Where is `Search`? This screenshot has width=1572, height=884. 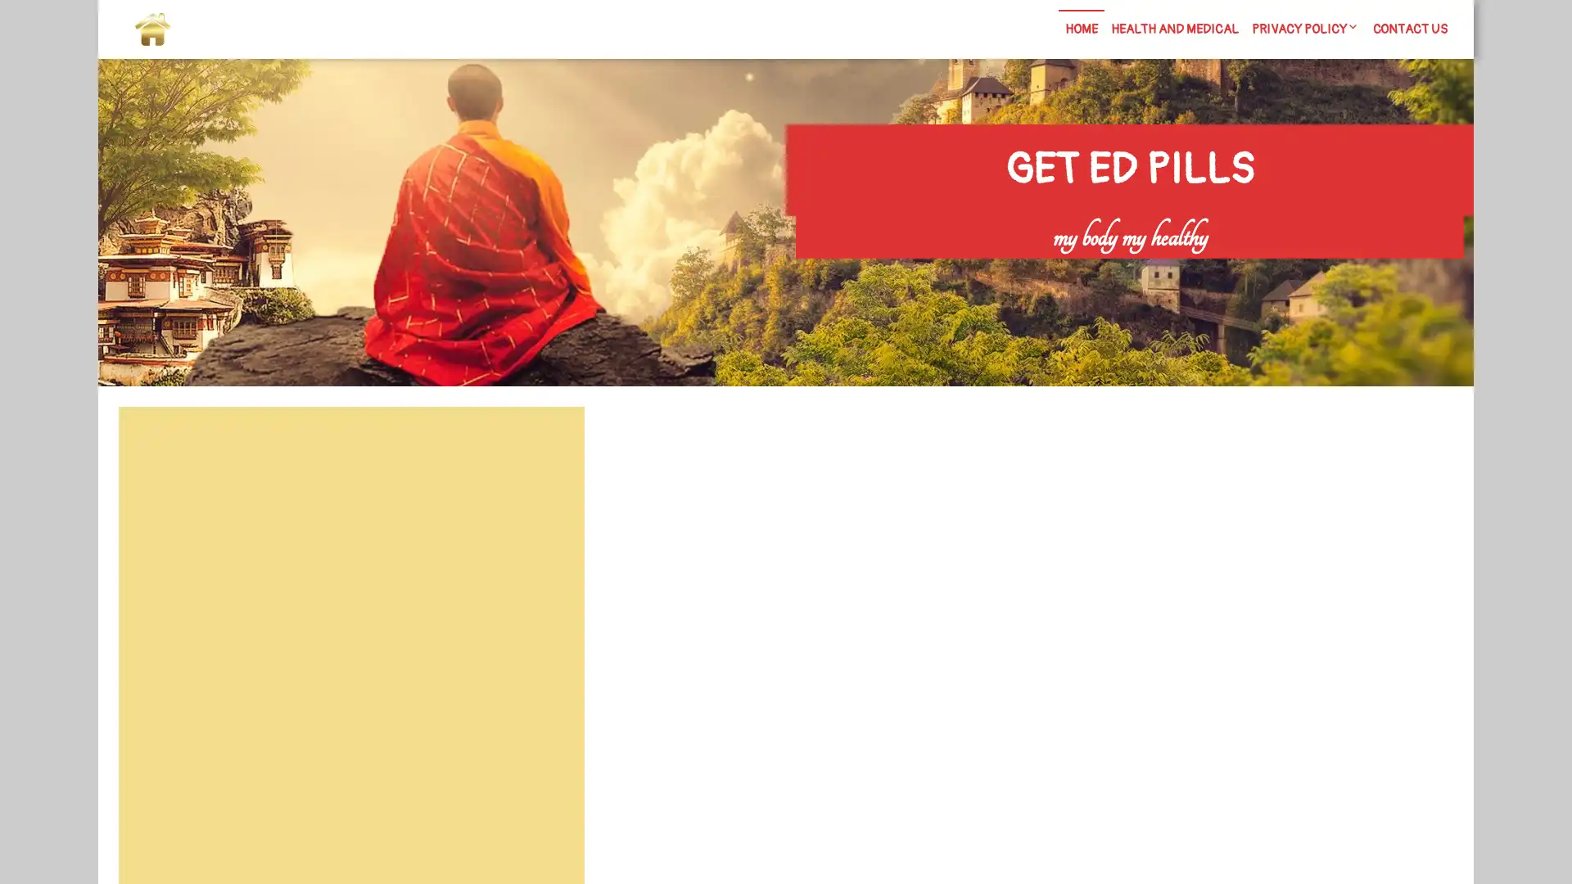
Search is located at coordinates (546, 446).